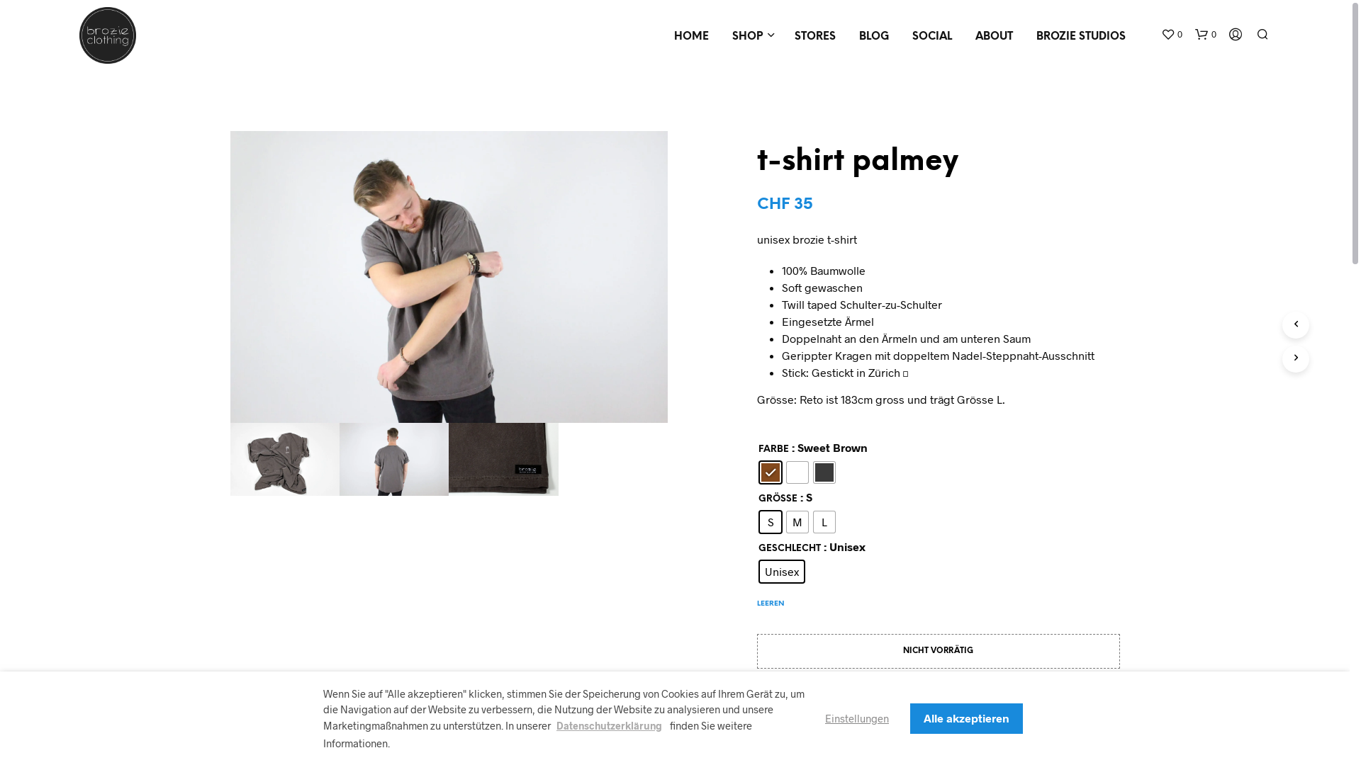 The width and height of the screenshot is (1361, 765). What do you see at coordinates (873, 36) in the screenshot?
I see `'BLOG'` at bounding box center [873, 36].